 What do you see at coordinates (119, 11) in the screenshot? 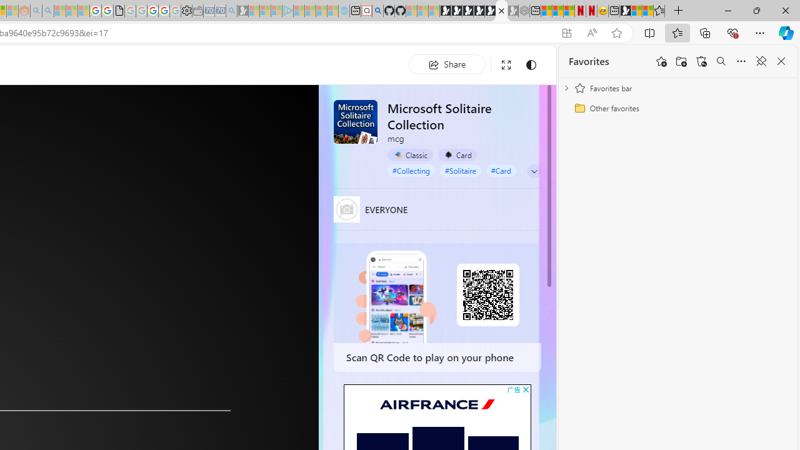
I see `'google_privacy_policy_zh-CN.pdf'` at bounding box center [119, 11].